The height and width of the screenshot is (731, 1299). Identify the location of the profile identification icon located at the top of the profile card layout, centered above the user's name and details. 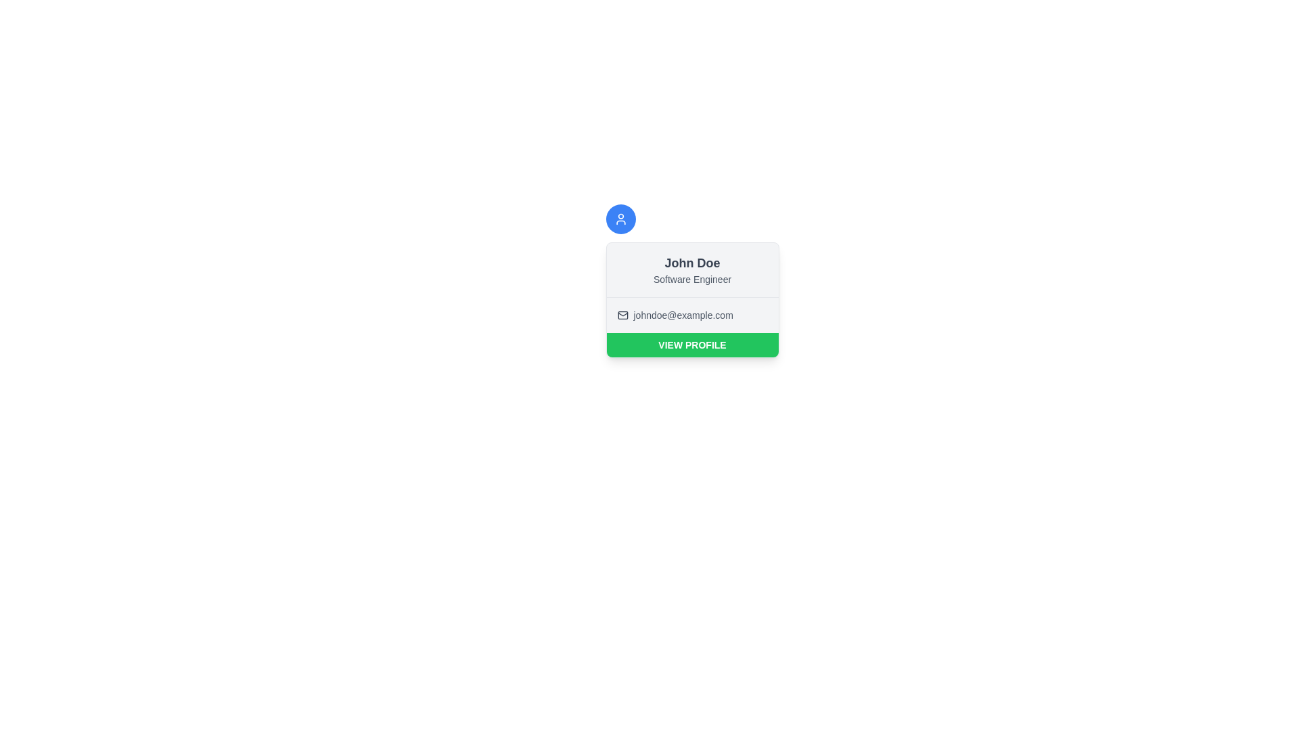
(620, 219).